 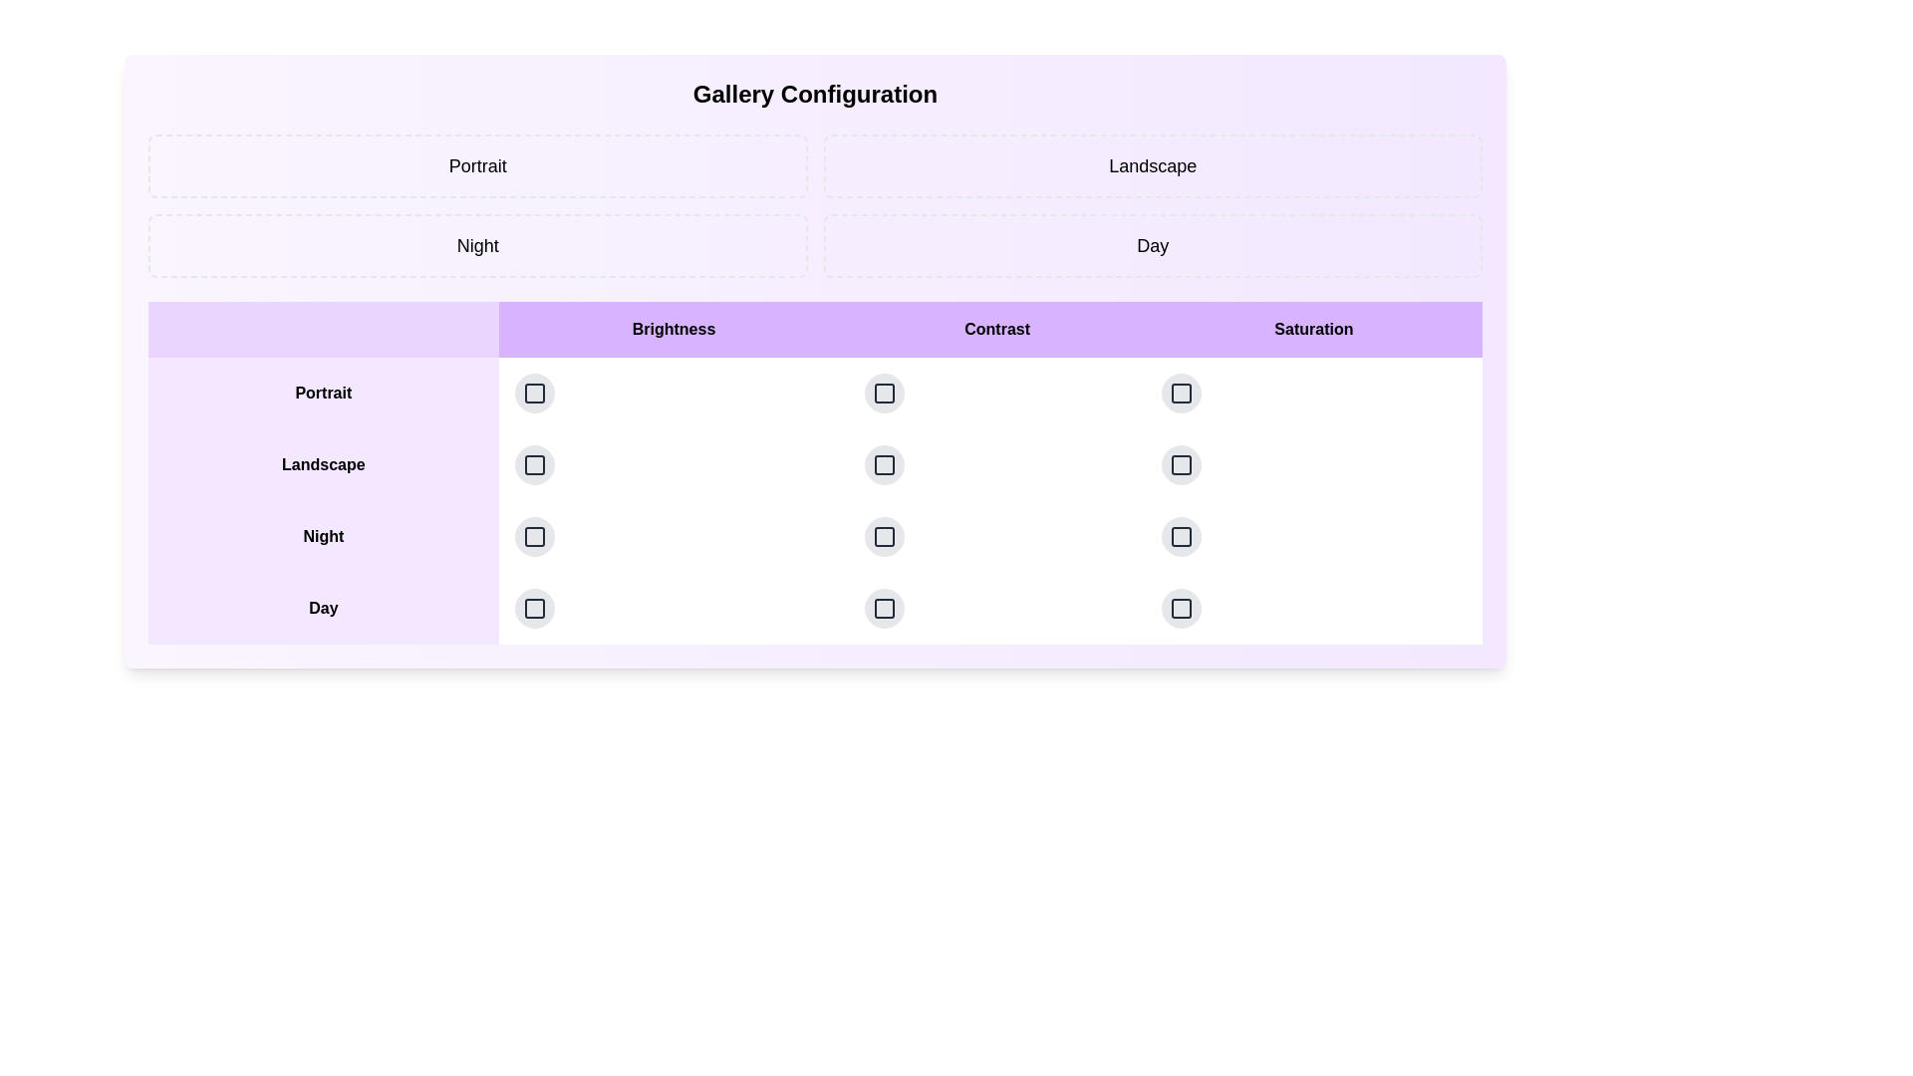 What do you see at coordinates (534, 393) in the screenshot?
I see `the first checkbox under the 'Brightness' column for the 'Portrait' category` at bounding box center [534, 393].